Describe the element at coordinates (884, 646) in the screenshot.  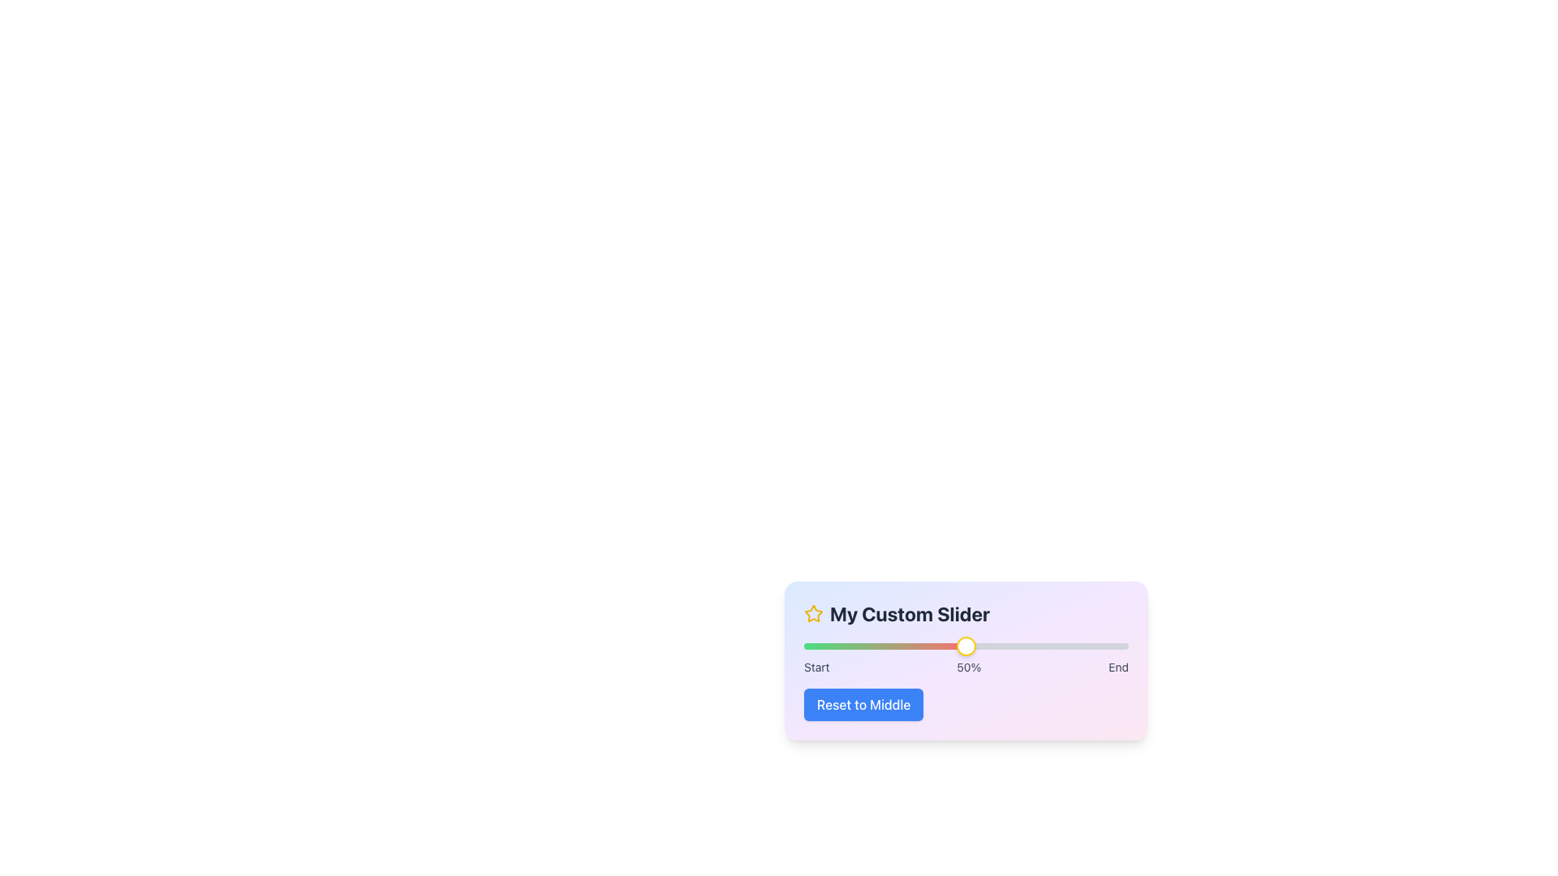
I see `the filled portion of the Progress Bar Segment indicating 50% completion of the slider's range` at that location.